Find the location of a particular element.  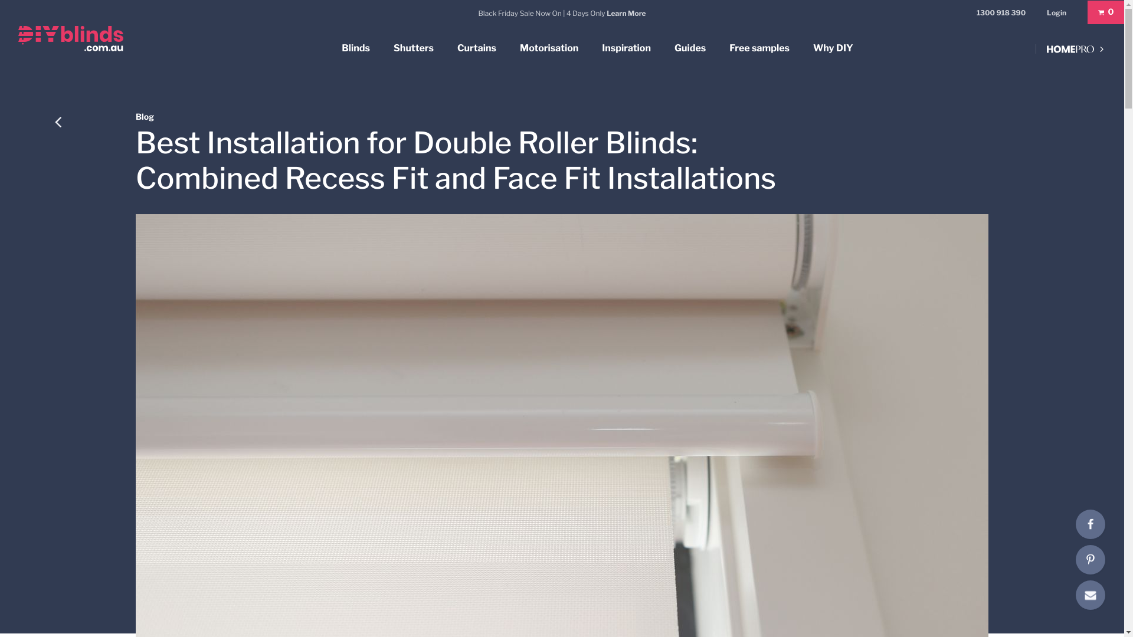

'Login' is located at coordinates (1056, 12).